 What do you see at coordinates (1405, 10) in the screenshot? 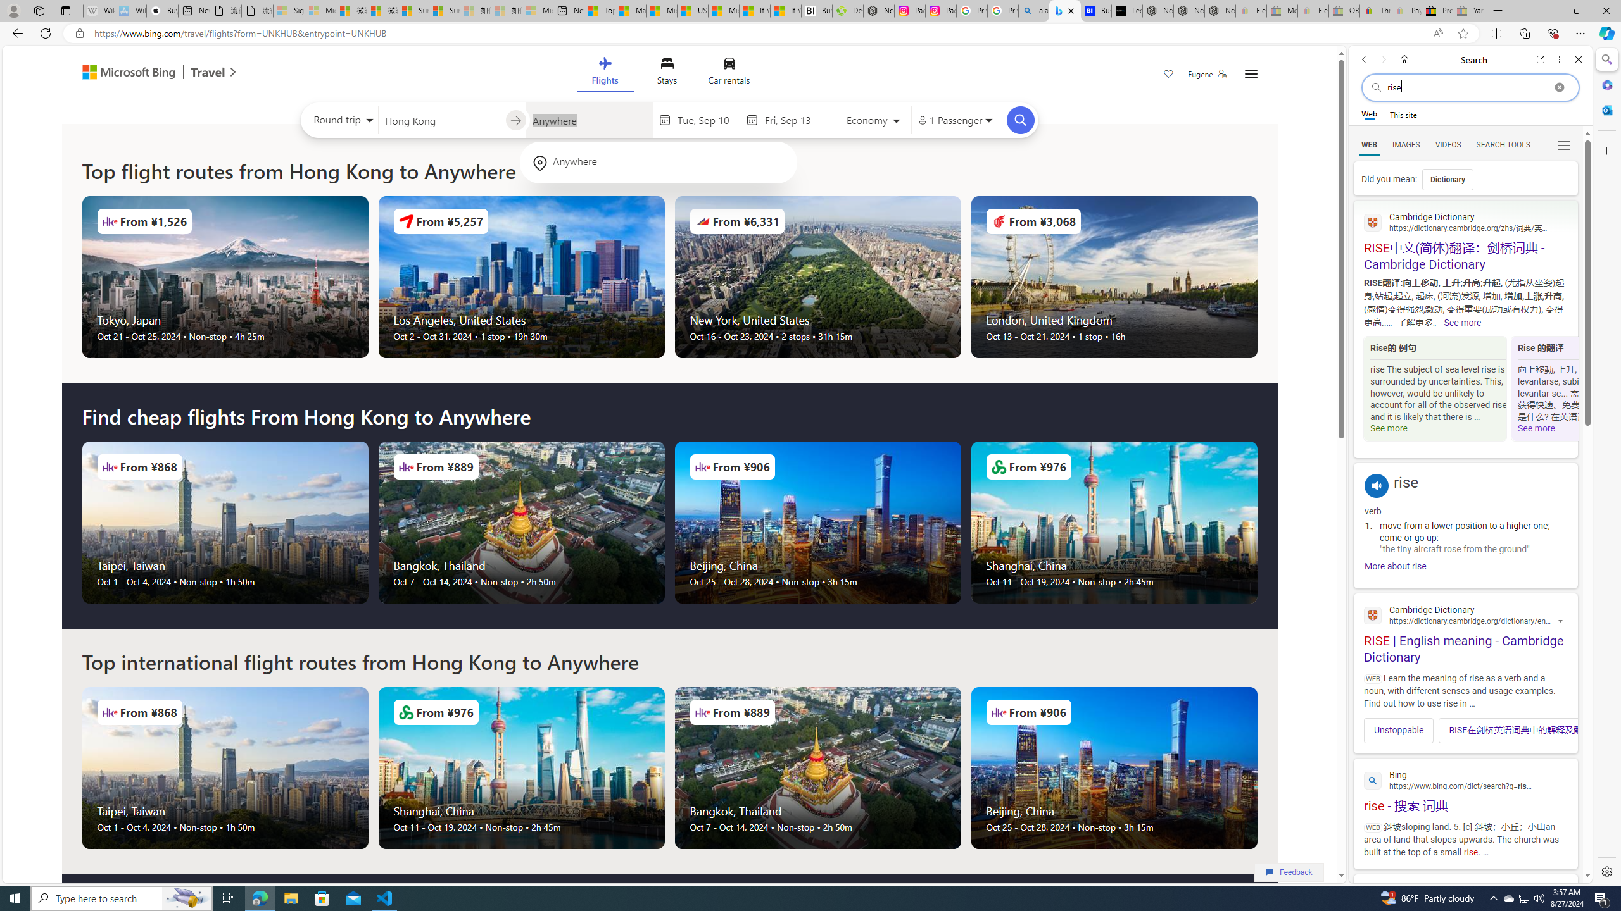
I see `'Payments Terms of Use | eBay.com - Sleeping'` at bounding box center [1405, 10].